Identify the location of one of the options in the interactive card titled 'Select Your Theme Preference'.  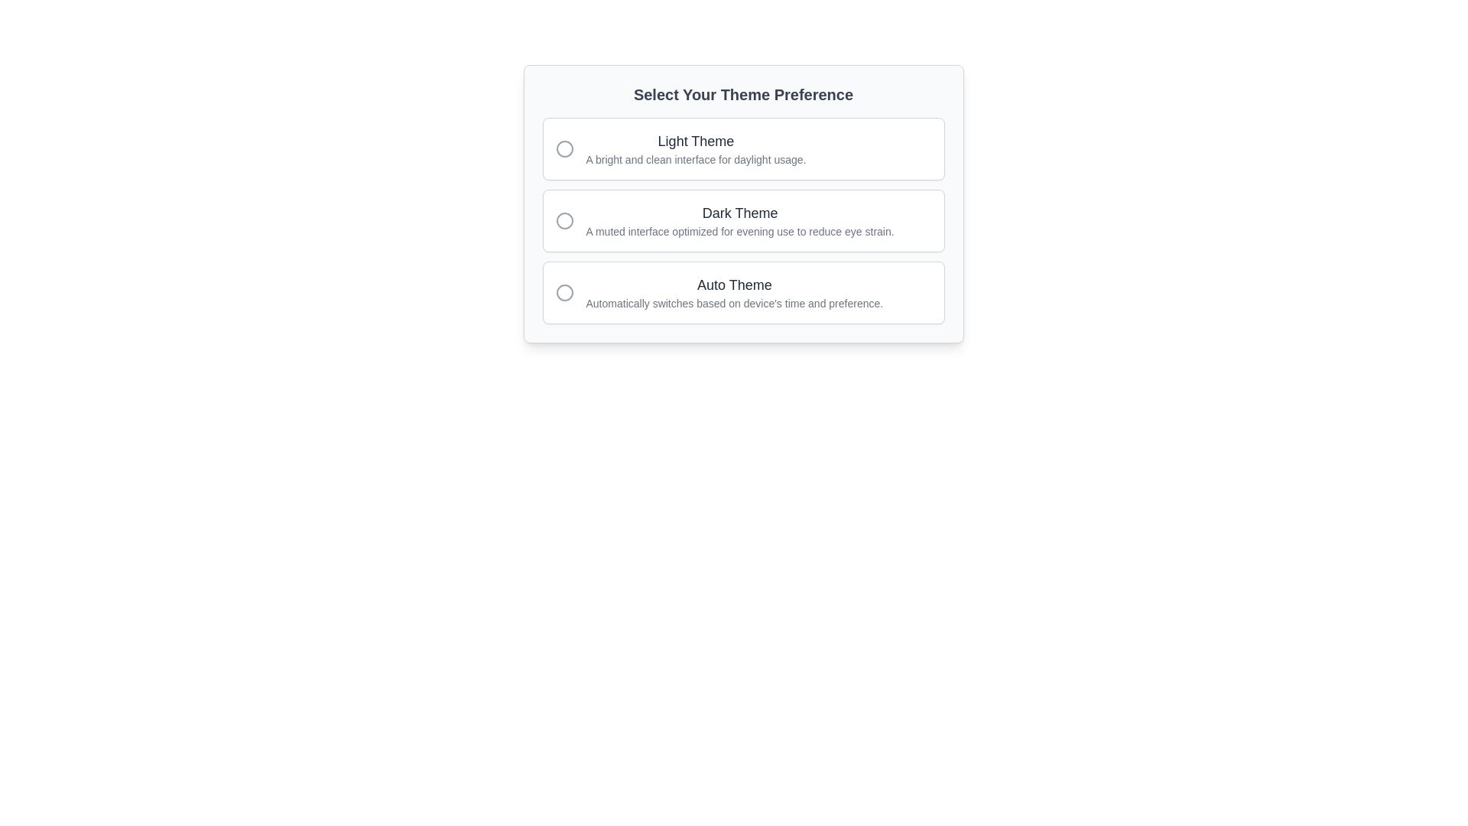
(743, 203).